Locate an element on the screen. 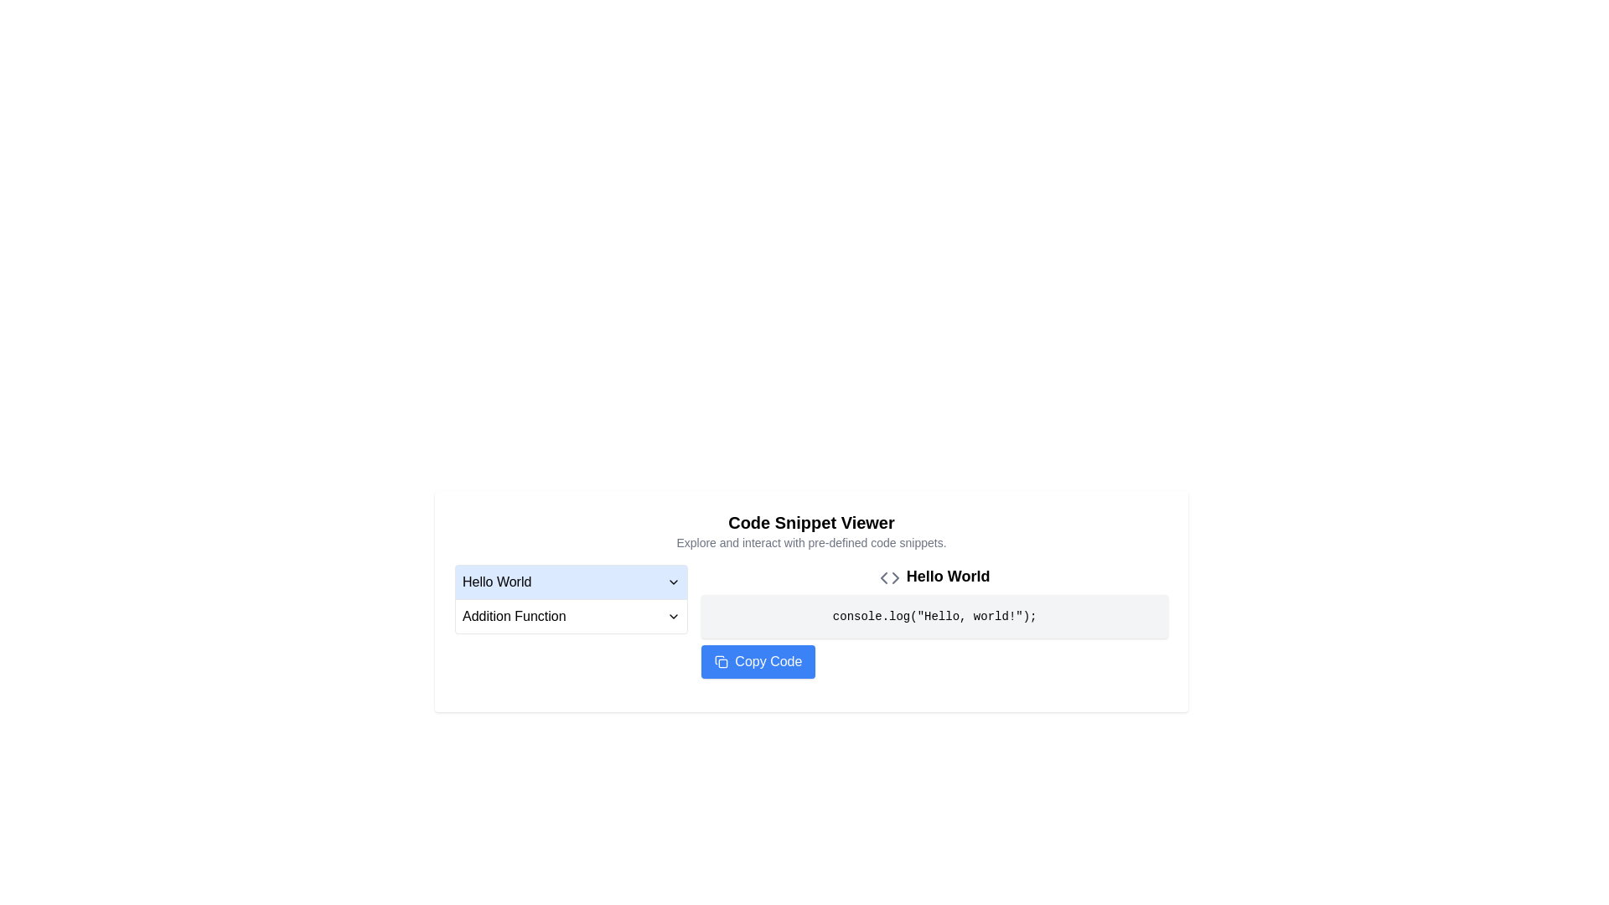  the button that copies the content of the adjacent code block to the clipboard, located centrally beneath the 'Code Snippet Viewer' section is located at coordinates (811, 640).